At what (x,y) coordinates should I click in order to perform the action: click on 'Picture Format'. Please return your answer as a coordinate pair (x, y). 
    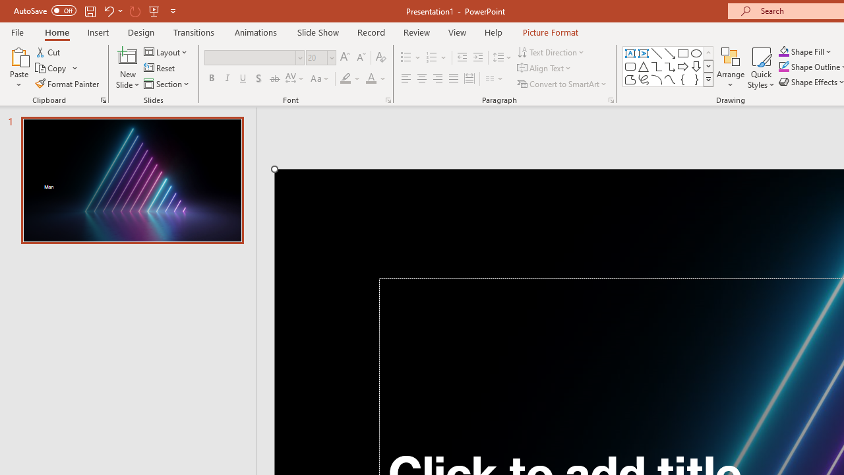
    Looking at the image, I should click on (551, 32).